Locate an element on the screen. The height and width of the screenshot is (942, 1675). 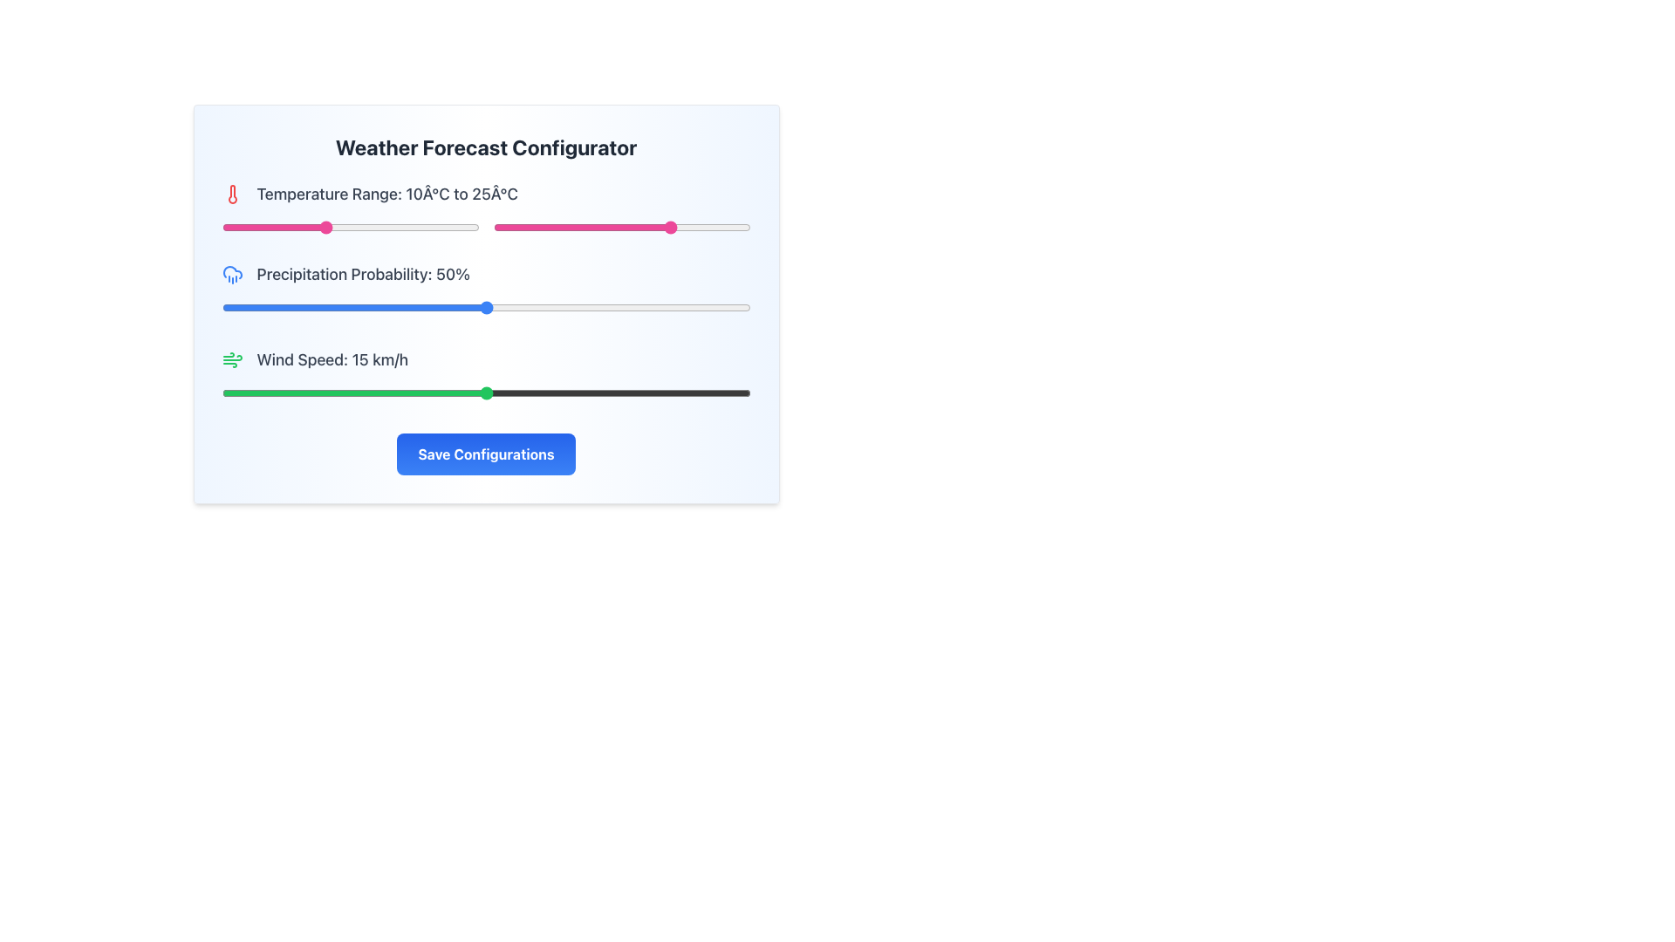
the header text labeled 'Weather Forecast Configurator', which is displayed prominently in bold and large font at the top center of the configuration card is located at coordinates (486, 147).